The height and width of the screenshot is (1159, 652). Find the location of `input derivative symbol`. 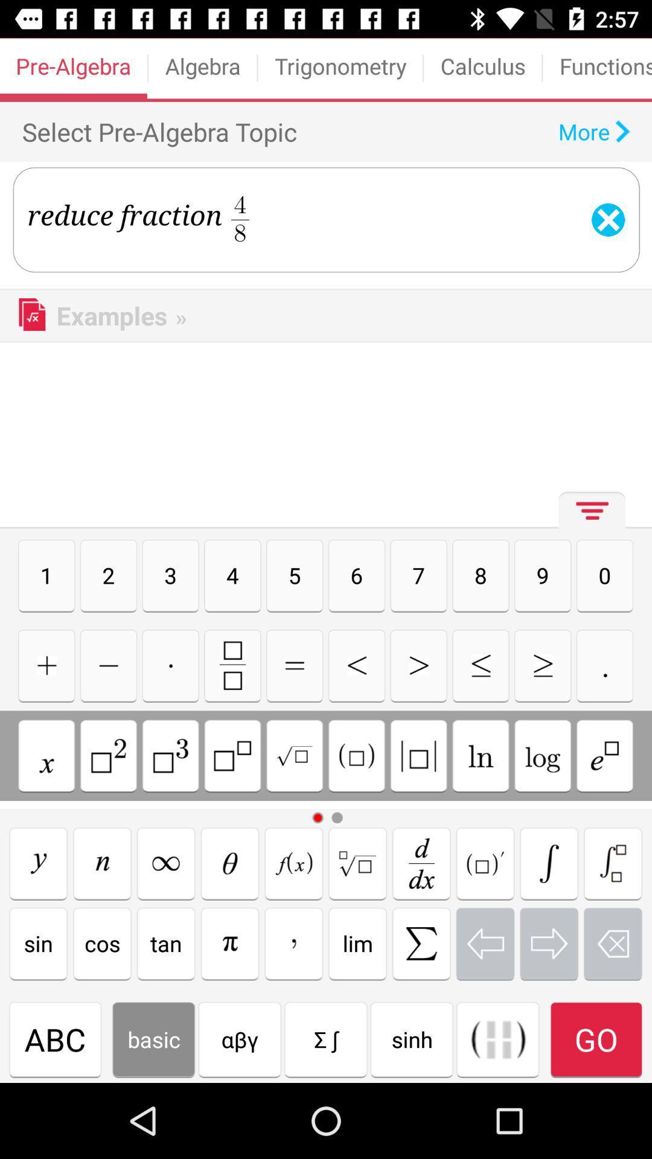

input derivative symbol is located at coordinates (421, 863).